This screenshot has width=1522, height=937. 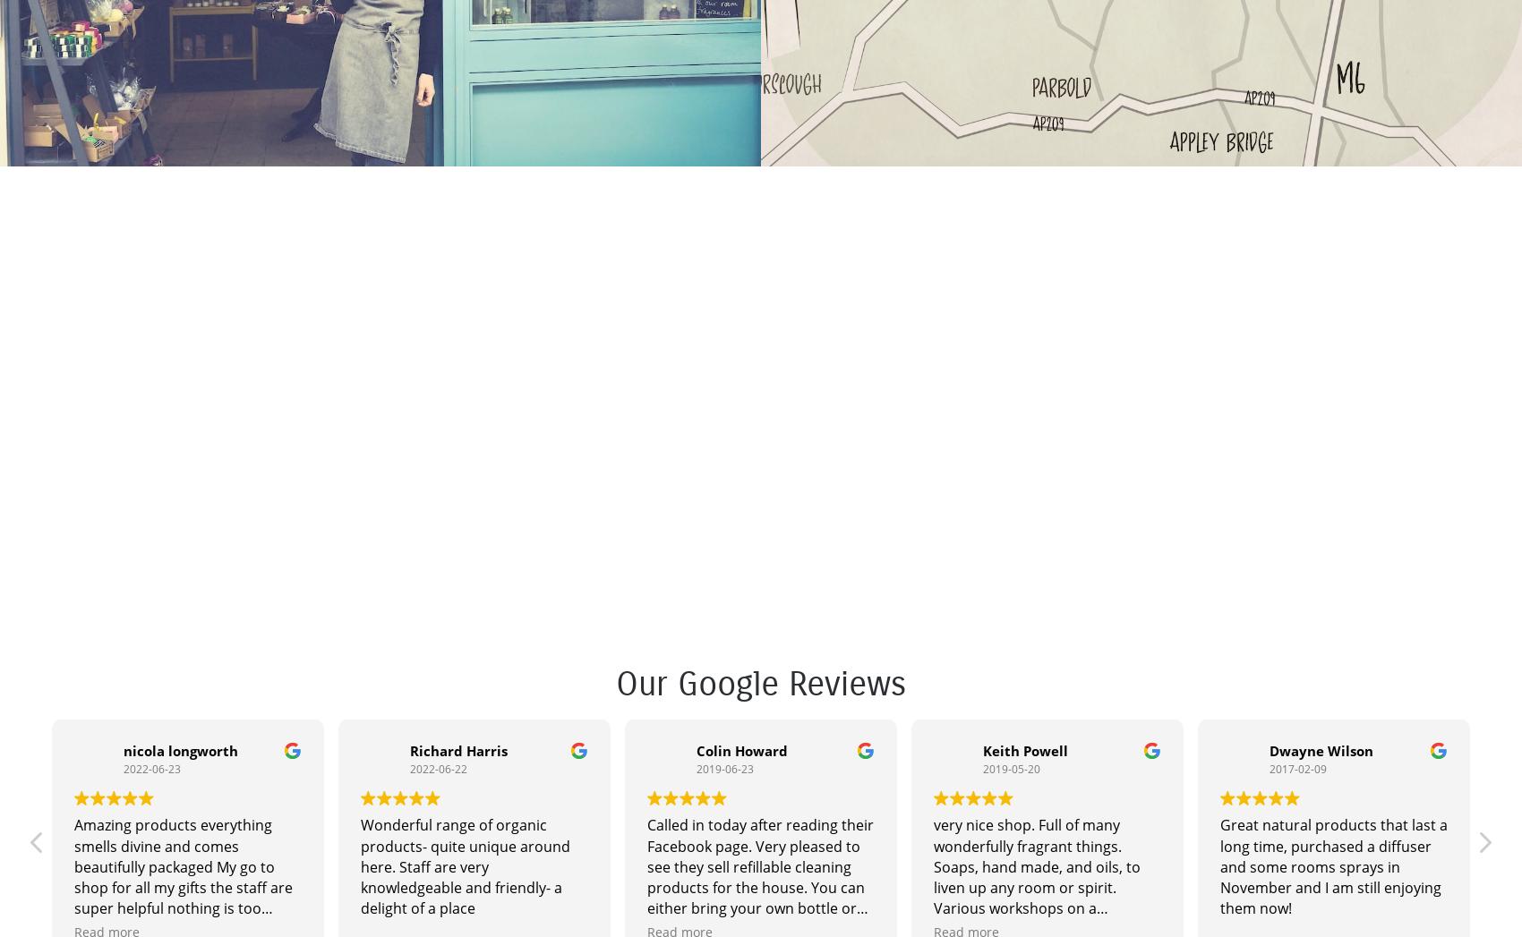 I want to click on 'Keith Powell', so click(x=983, y=750).